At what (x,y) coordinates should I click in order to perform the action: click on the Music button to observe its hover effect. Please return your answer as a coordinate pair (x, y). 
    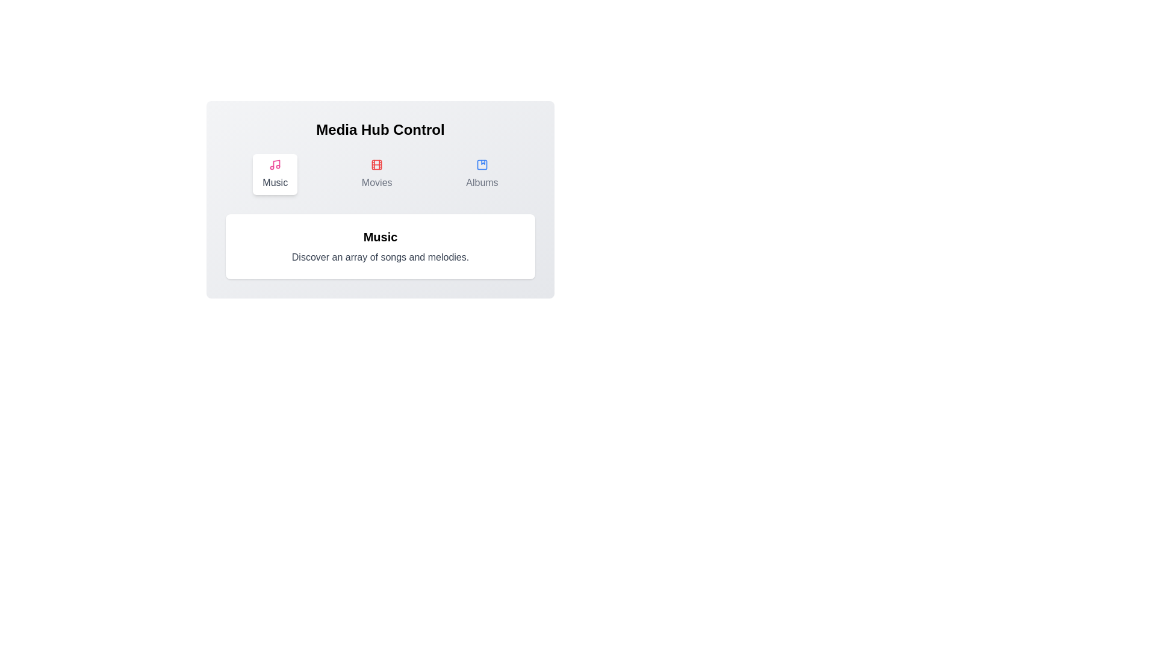
    Looking at the image, I should click on (274, 174).